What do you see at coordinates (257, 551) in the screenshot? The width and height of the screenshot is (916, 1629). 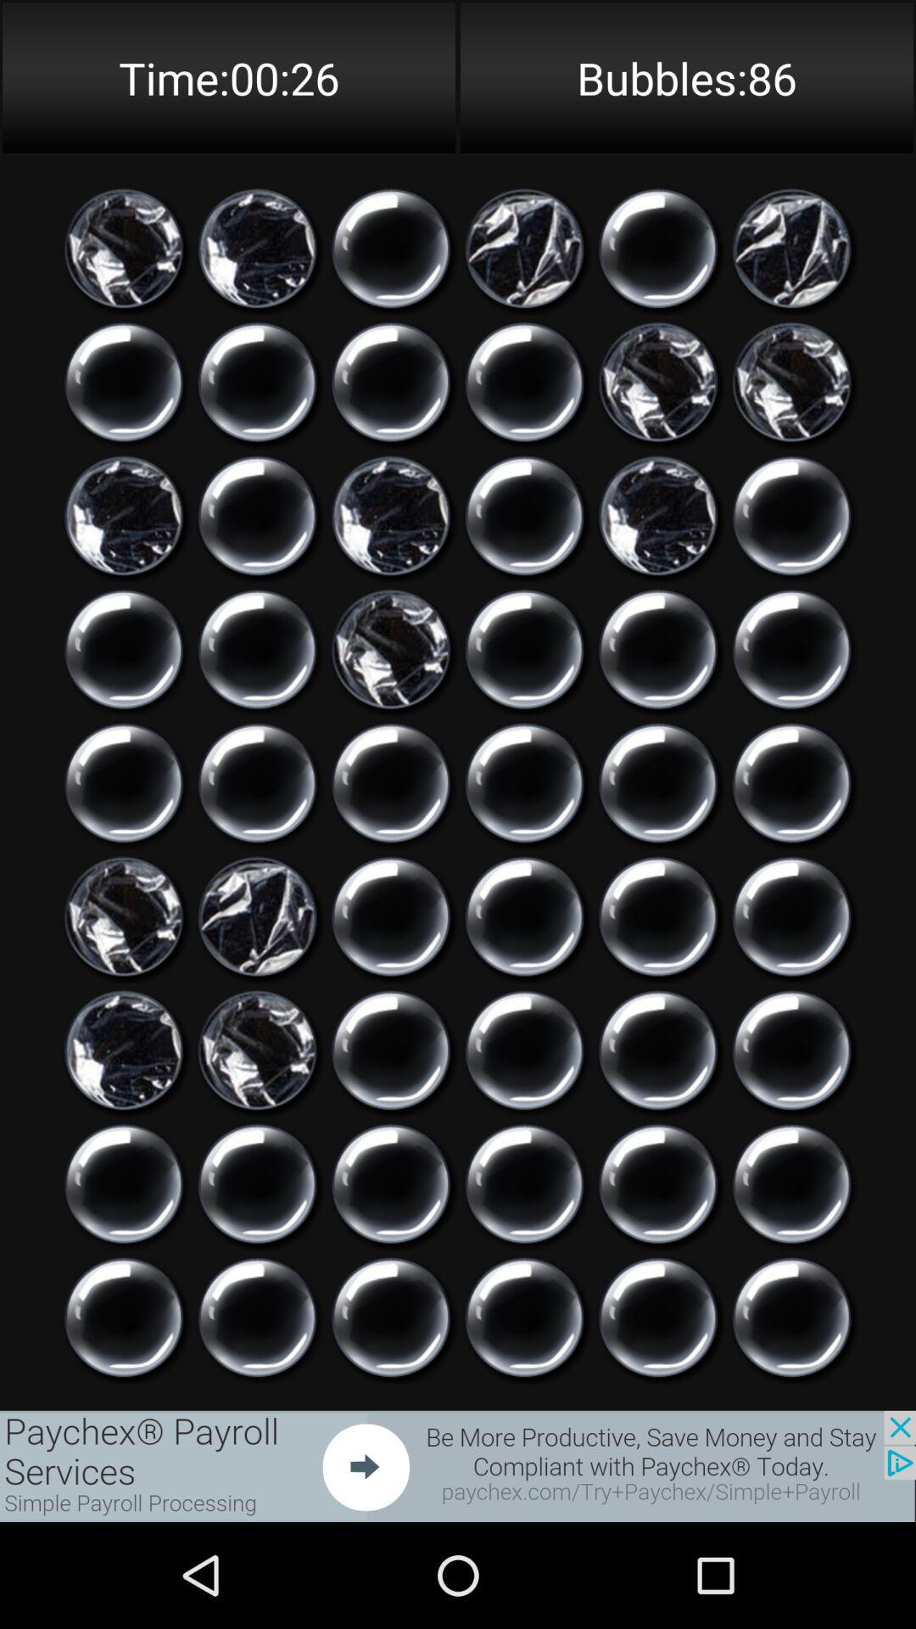 I see `the refresh icon` at bounding box center [257, 551].